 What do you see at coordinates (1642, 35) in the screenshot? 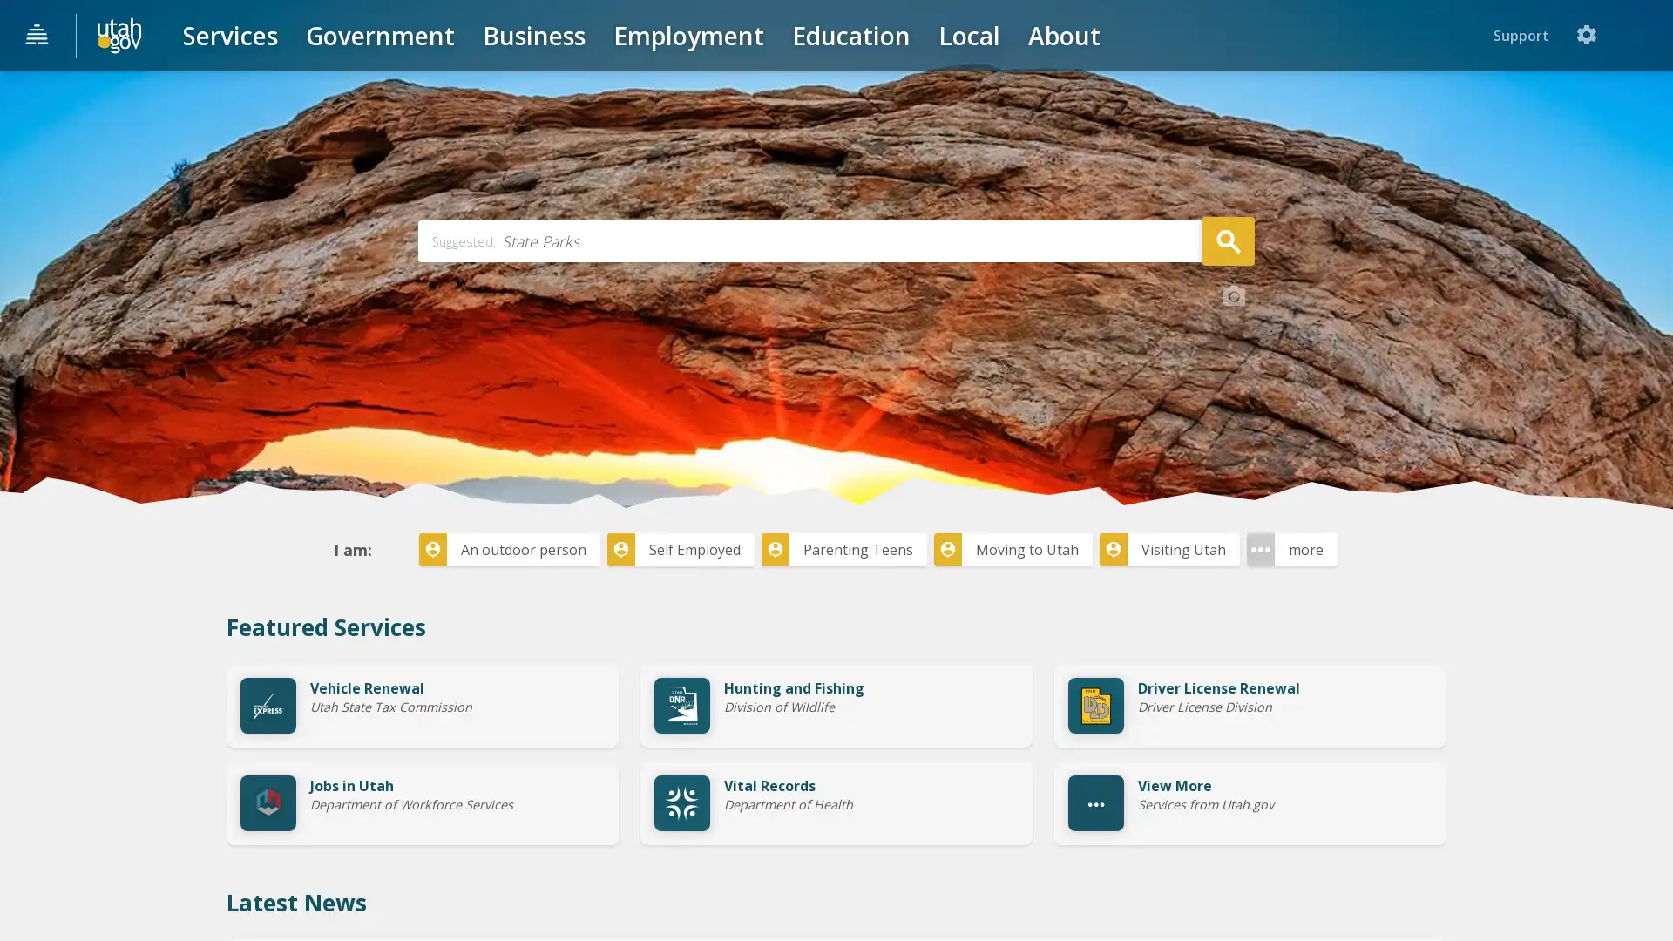
I see `Site Settings` at bounding box center [1642, 35].